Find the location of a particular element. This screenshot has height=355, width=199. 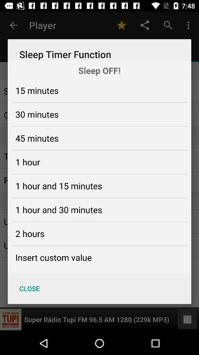

the 45 minutes icon is located at coordinates (36, 138).